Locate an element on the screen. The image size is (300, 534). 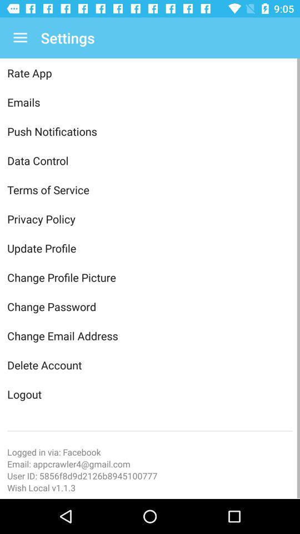
the logout item is located at coordinates (150, 394).